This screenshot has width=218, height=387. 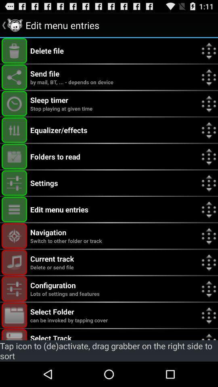 What do you see at coordinates (14, 335) in the screenshot?
I see `track option` at bounding box center [14, 335].